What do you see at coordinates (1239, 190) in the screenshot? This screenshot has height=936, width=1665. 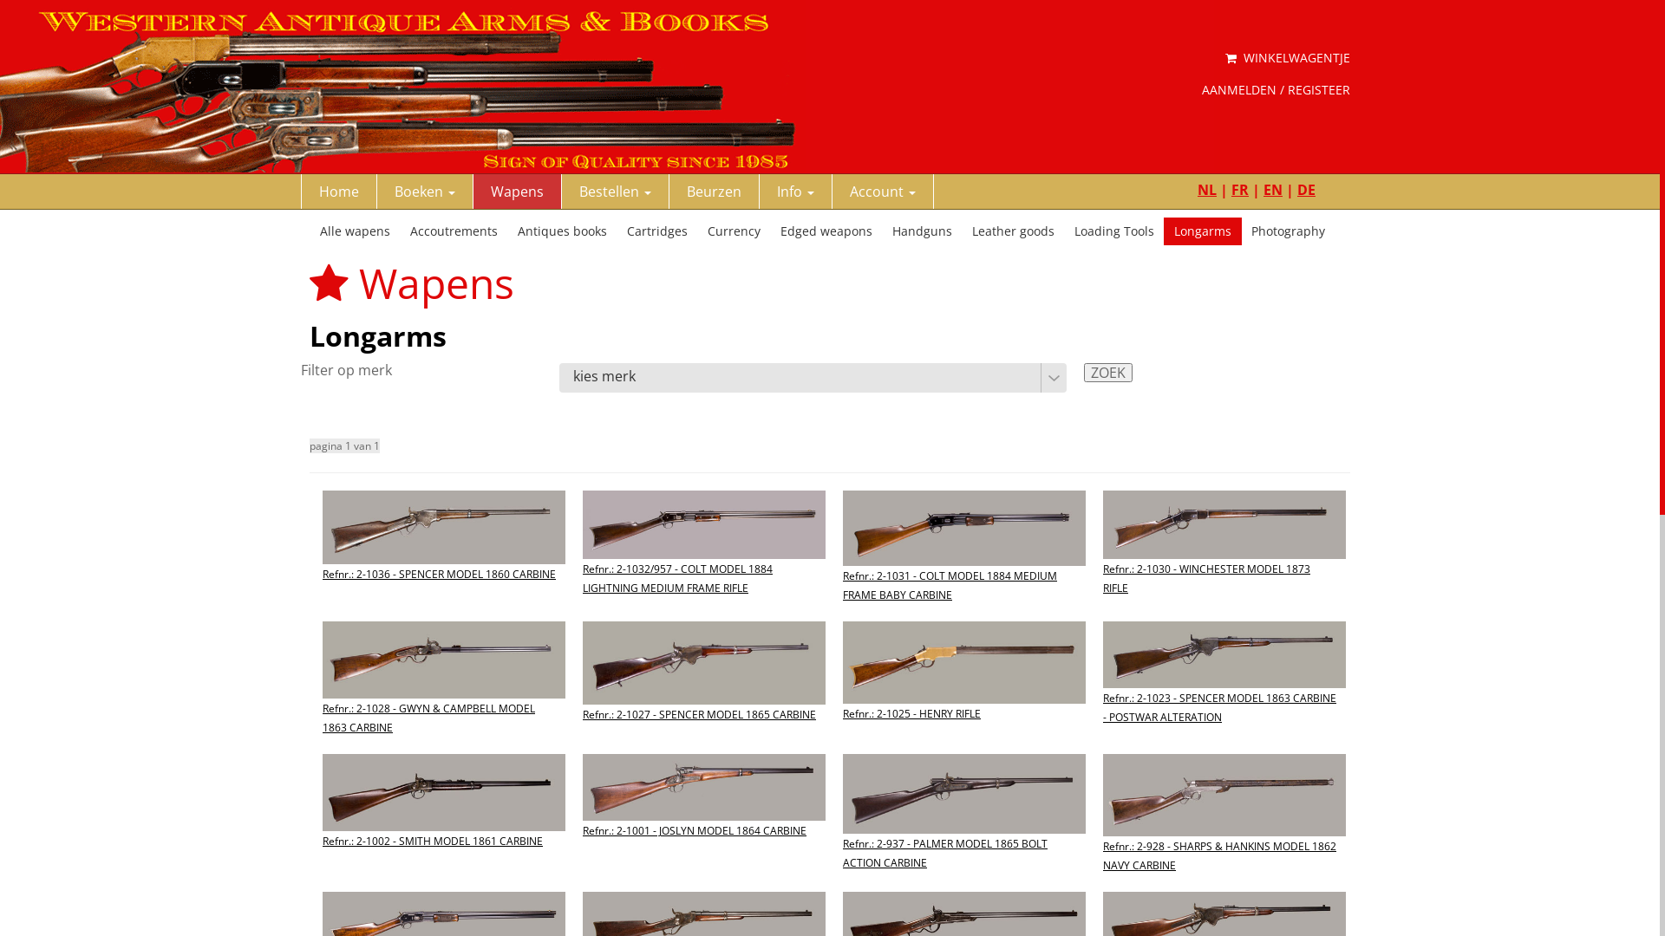 I see `'FR'` at bounding box center [1239, 190].